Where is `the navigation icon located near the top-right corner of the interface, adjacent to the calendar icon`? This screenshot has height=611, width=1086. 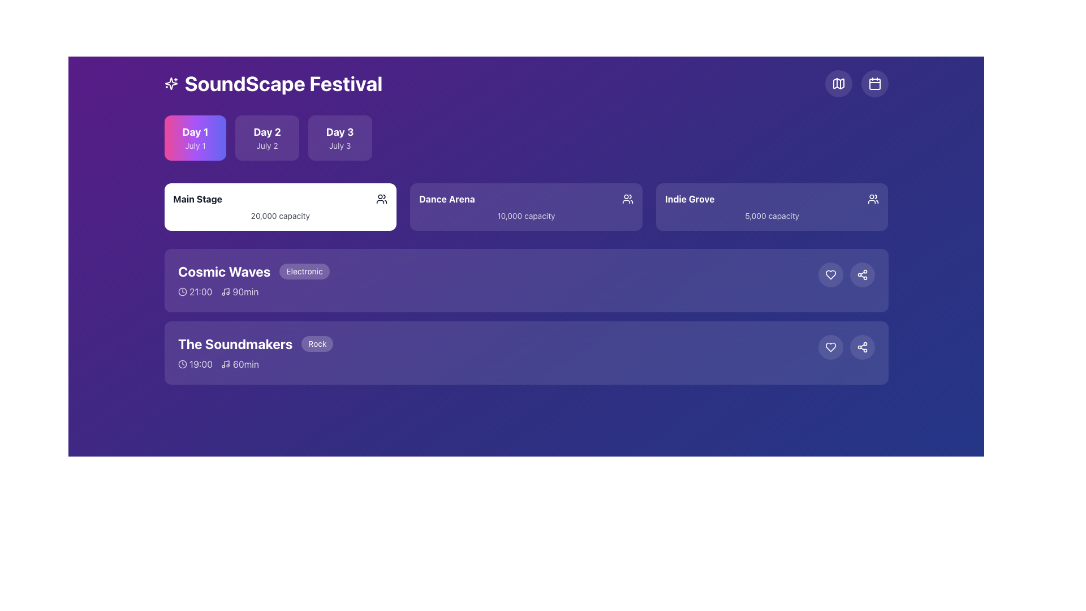
the navigation icon located near the top-right corner of the interface, adjacent to the calendar icon is located at coordinates (838, 83).